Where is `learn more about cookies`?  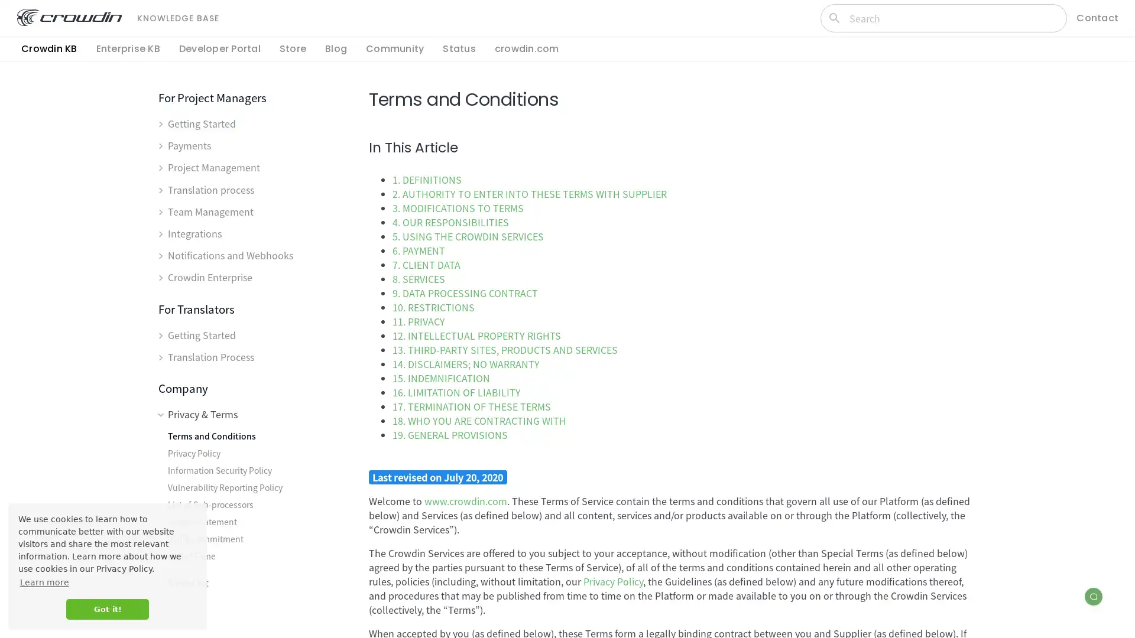
learn more about cookies is located at coordinates (44, 582).